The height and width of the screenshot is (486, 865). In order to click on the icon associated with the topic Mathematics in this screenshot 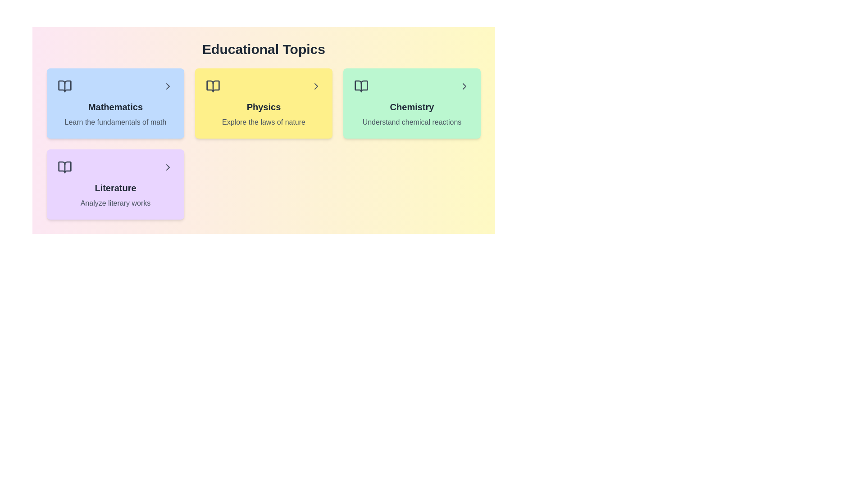, I will do `click(64, 86)`.